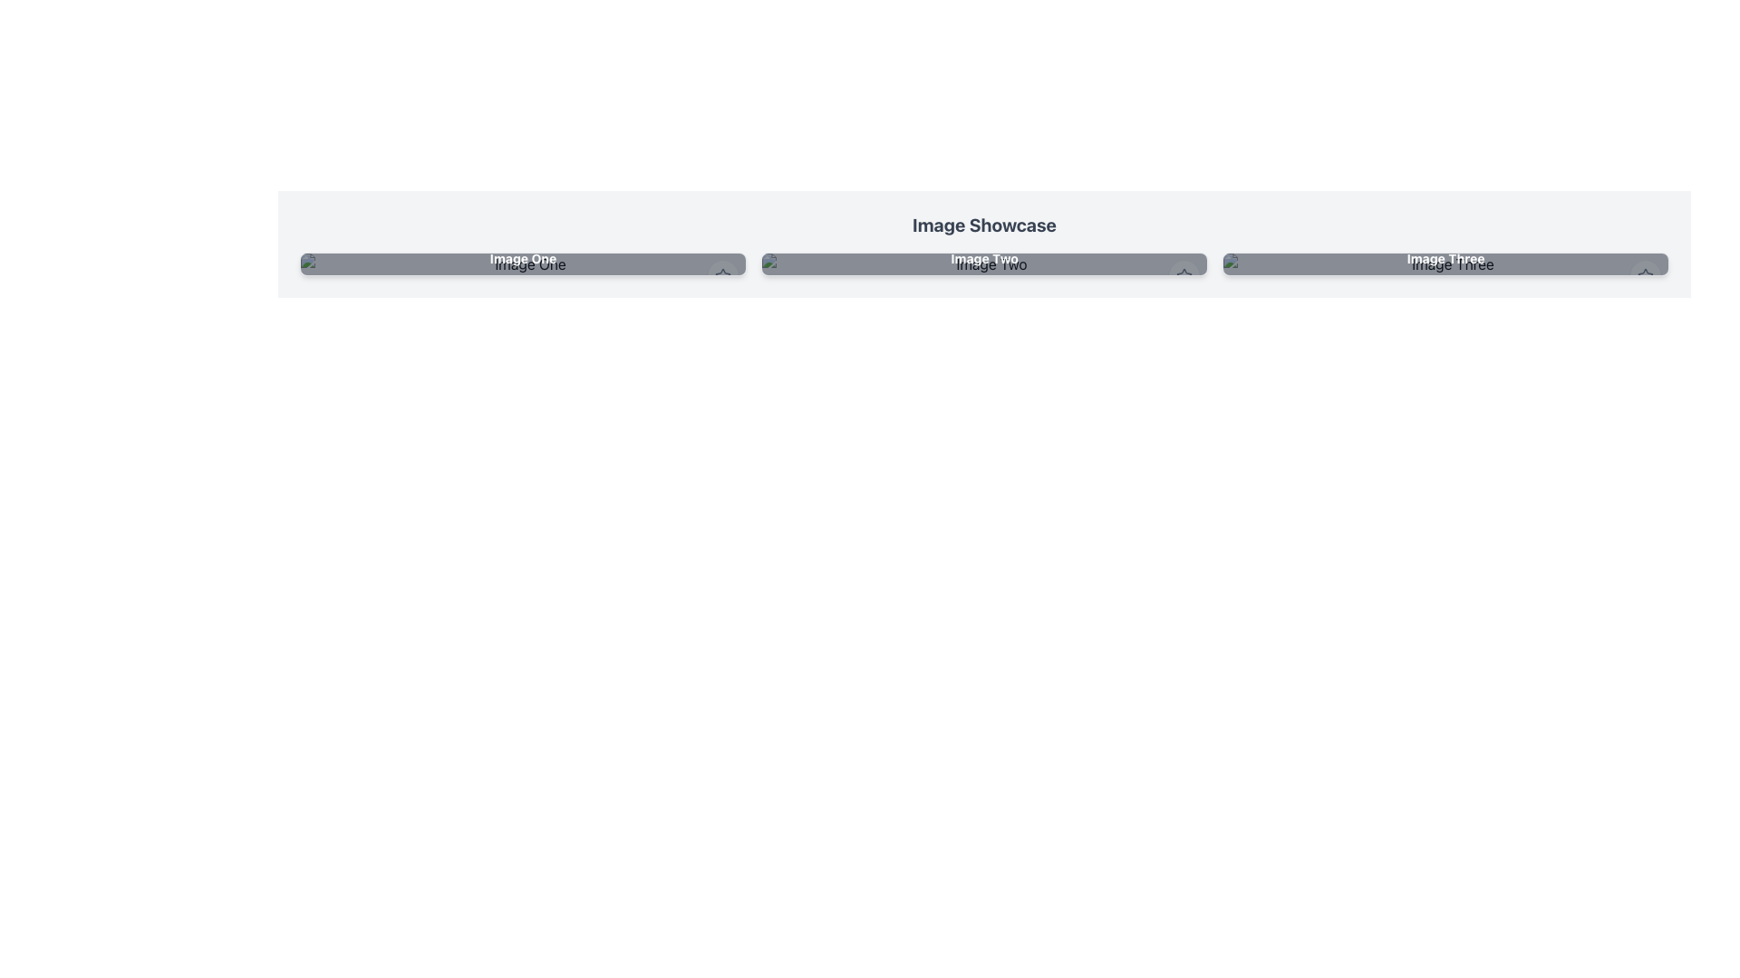 The image size is (1740, 978). What do you see at coordinates (1445, 264) in the screenshot?
I see `the placeholder picture image in the rightmost card beneath the text overlay 'Image Three'` at bounding box center [1445, 264].